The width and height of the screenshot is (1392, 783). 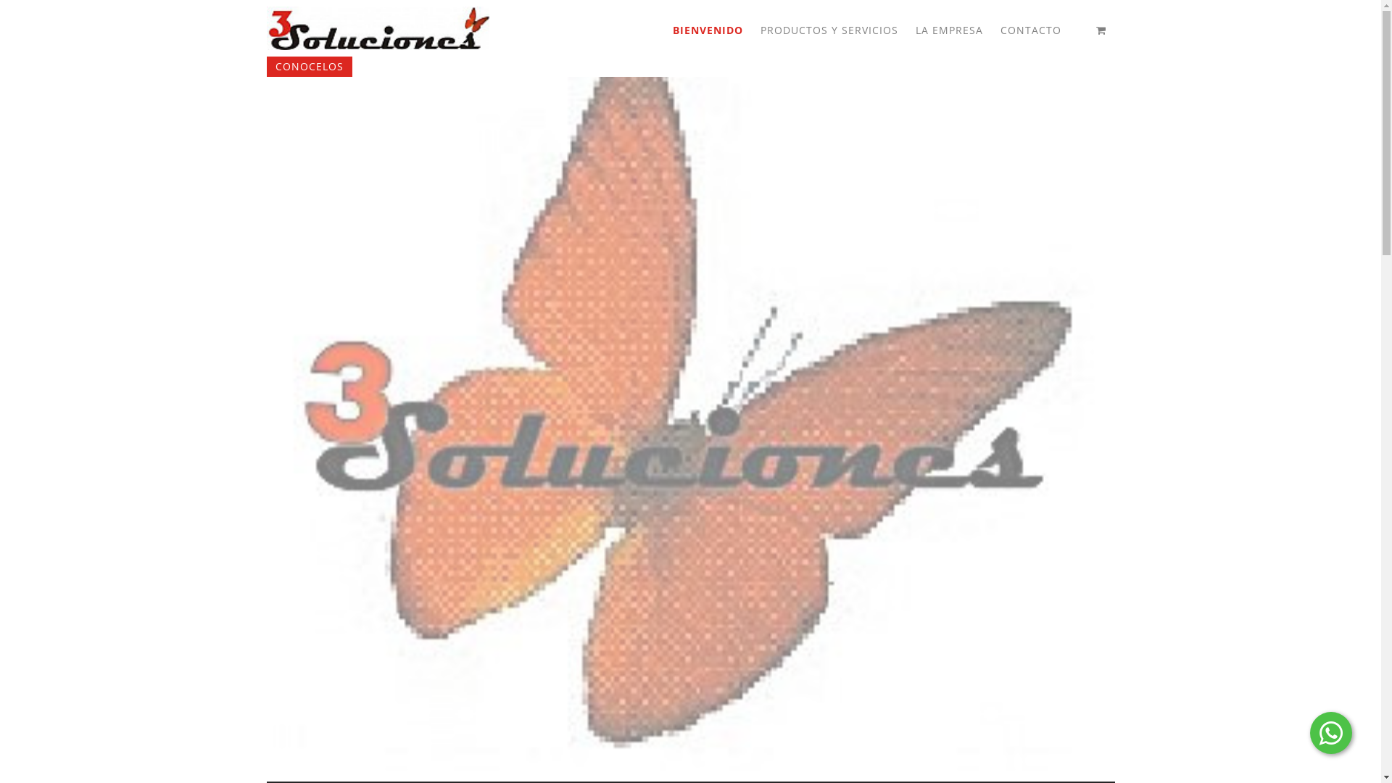 I want to click on 'LA EMPRESA', so click(x=919, y=30).